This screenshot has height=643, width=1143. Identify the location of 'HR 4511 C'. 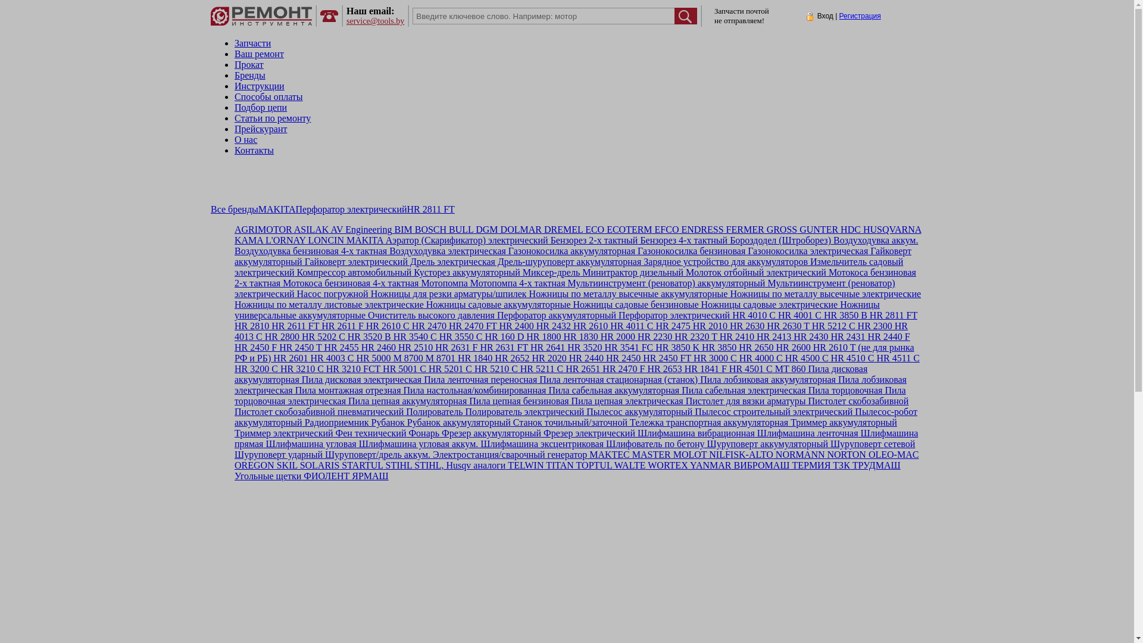
(897, 357).